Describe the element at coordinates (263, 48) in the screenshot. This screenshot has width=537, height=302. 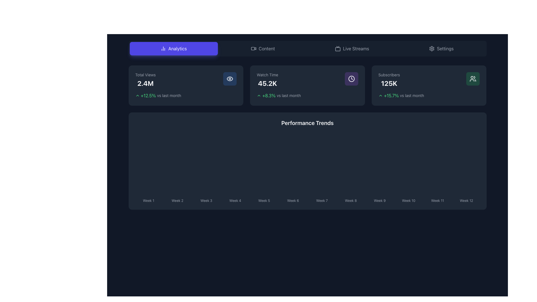
I see `the Navigation button labeled 'Content' in the horizontal navigation bar` at that location.